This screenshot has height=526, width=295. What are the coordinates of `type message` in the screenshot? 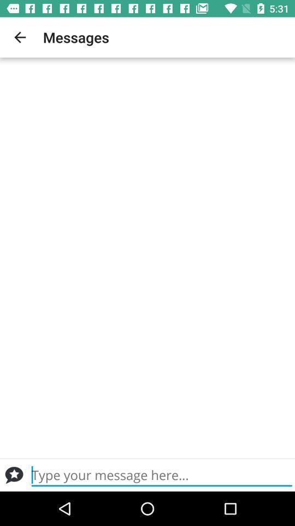 It's located at (161, 474).